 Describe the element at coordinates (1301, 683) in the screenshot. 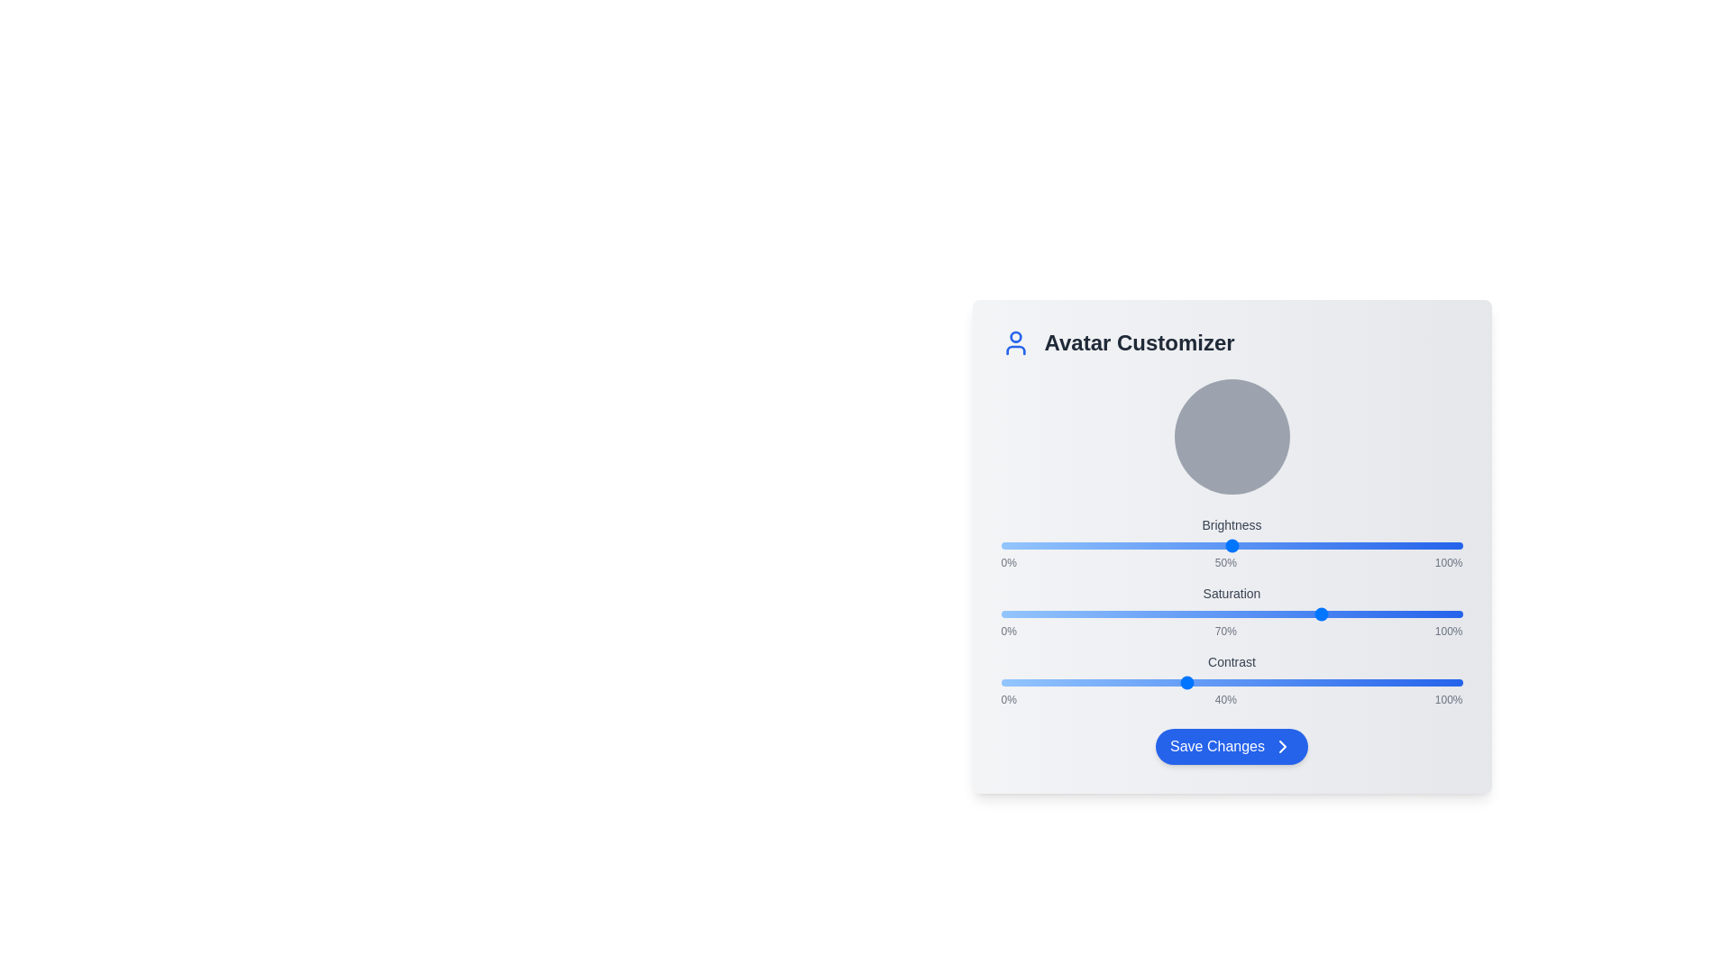

I see `the contrast slider to 65%` at that location.